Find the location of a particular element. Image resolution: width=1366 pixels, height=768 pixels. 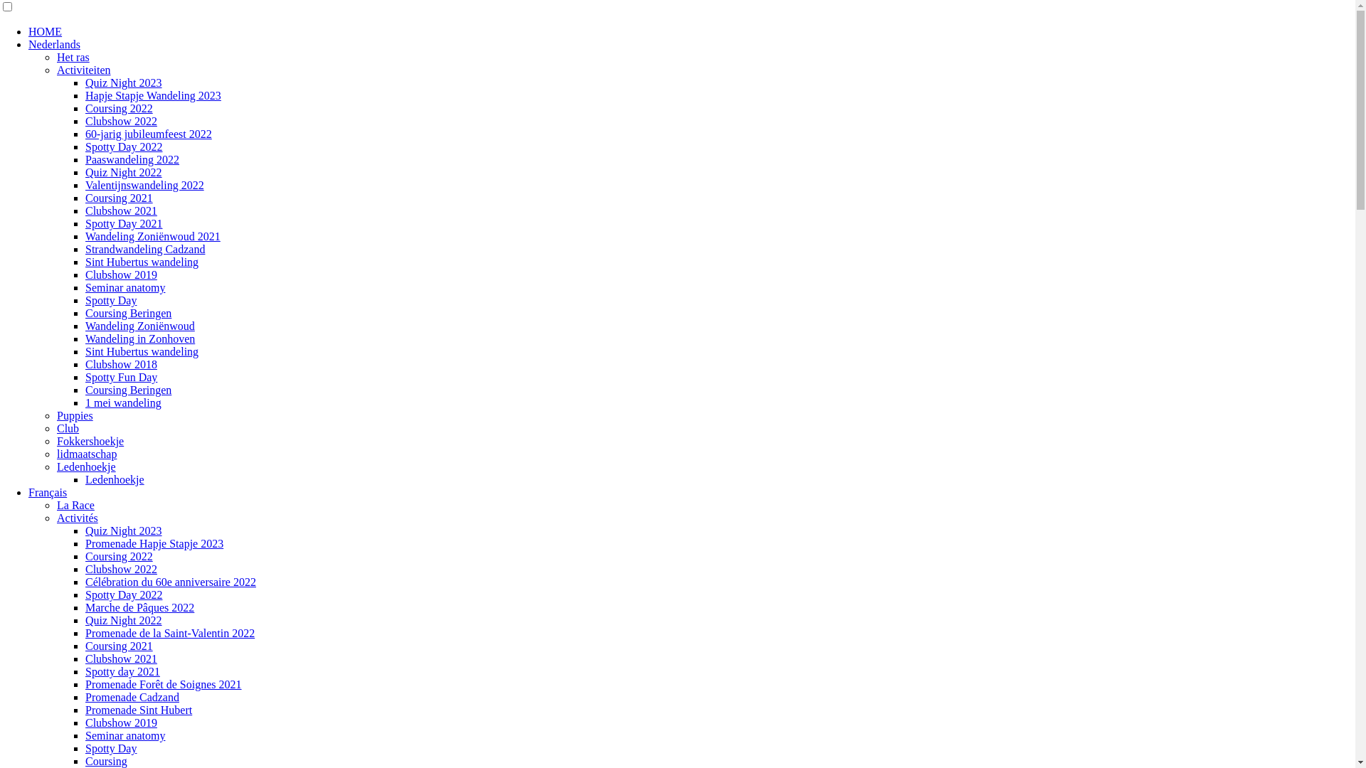

'Sint Hubertus wandeling' is located at coordinates (142, 262).